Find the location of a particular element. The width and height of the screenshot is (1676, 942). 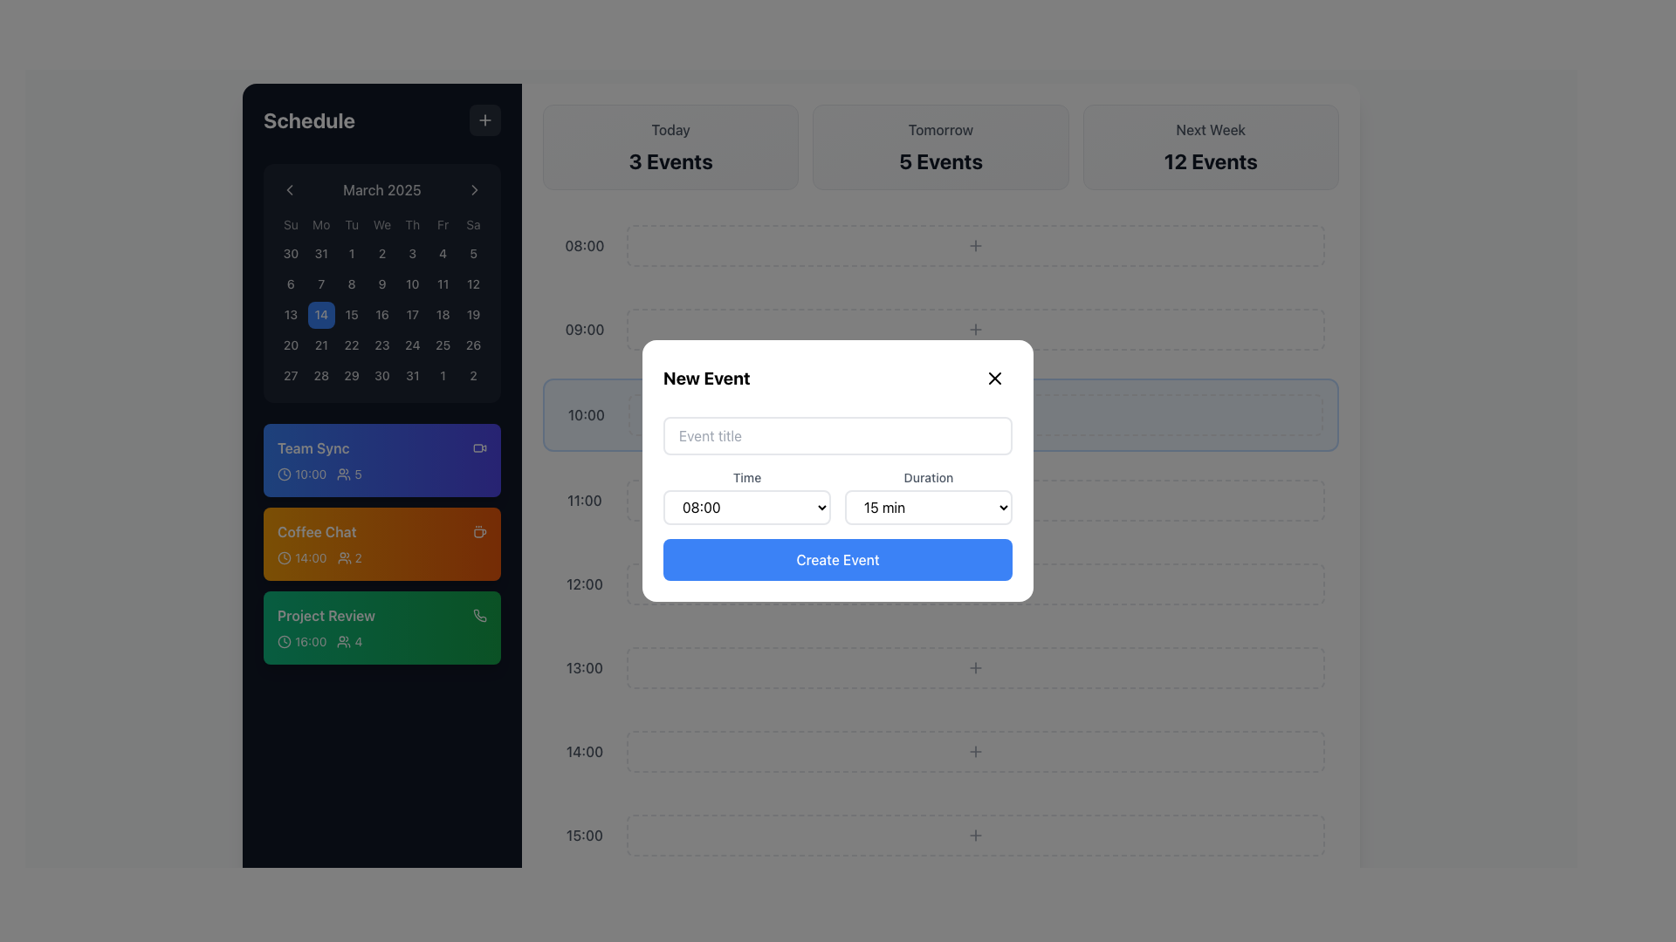

the interactive placeholder button with a dashed border located in the 08:00 time slot to create a new entry is located at coordinates (975, 245).